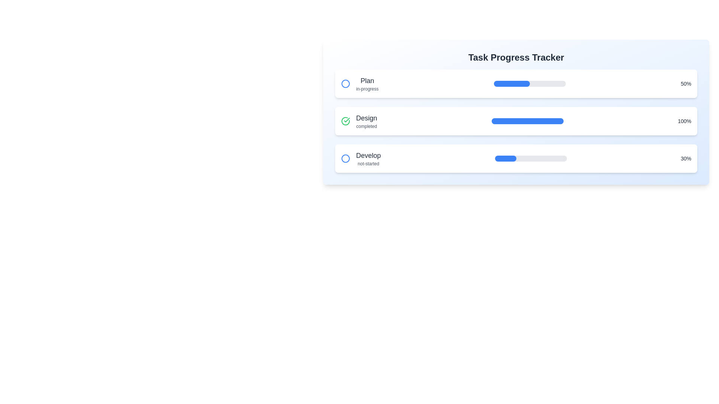 This screenshot has height=404, width=719. Describe the element at coordinates (511, 83) in the screenshot. I see `the progress of the 50% filled segment of the progress bar in the 'Task Progress Tracker' interface` at that location.